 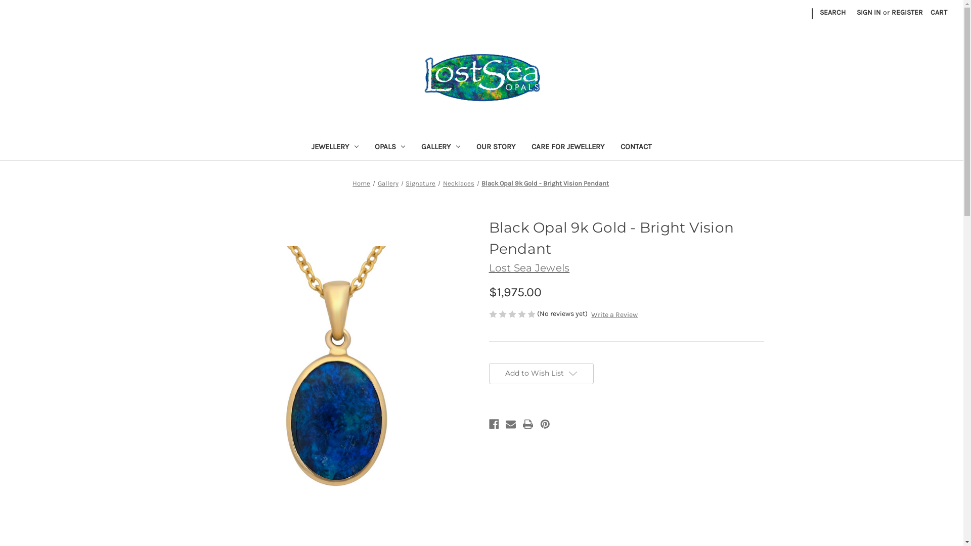 What do you see at coordinates (938, 12) in the screenshot?
I see `'CART'` at bounding box center [938, 12].